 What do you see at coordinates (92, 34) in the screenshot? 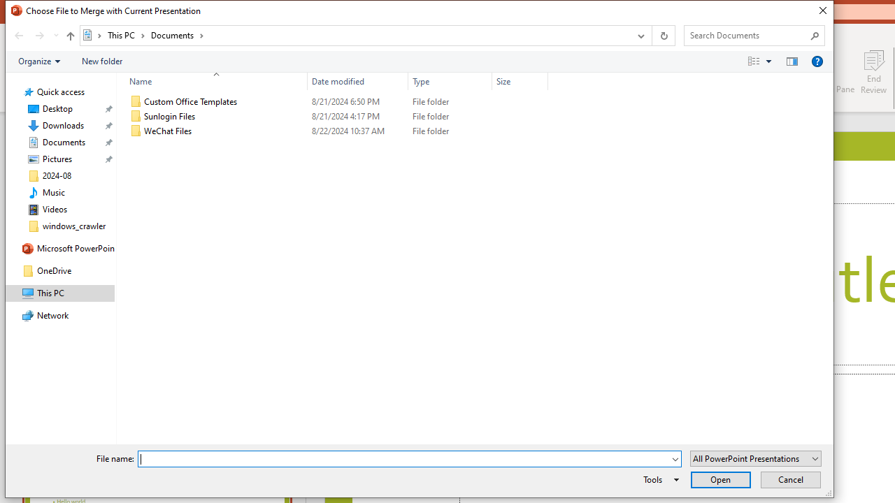
I see `'All locations'` at bounding box center [92, 34].